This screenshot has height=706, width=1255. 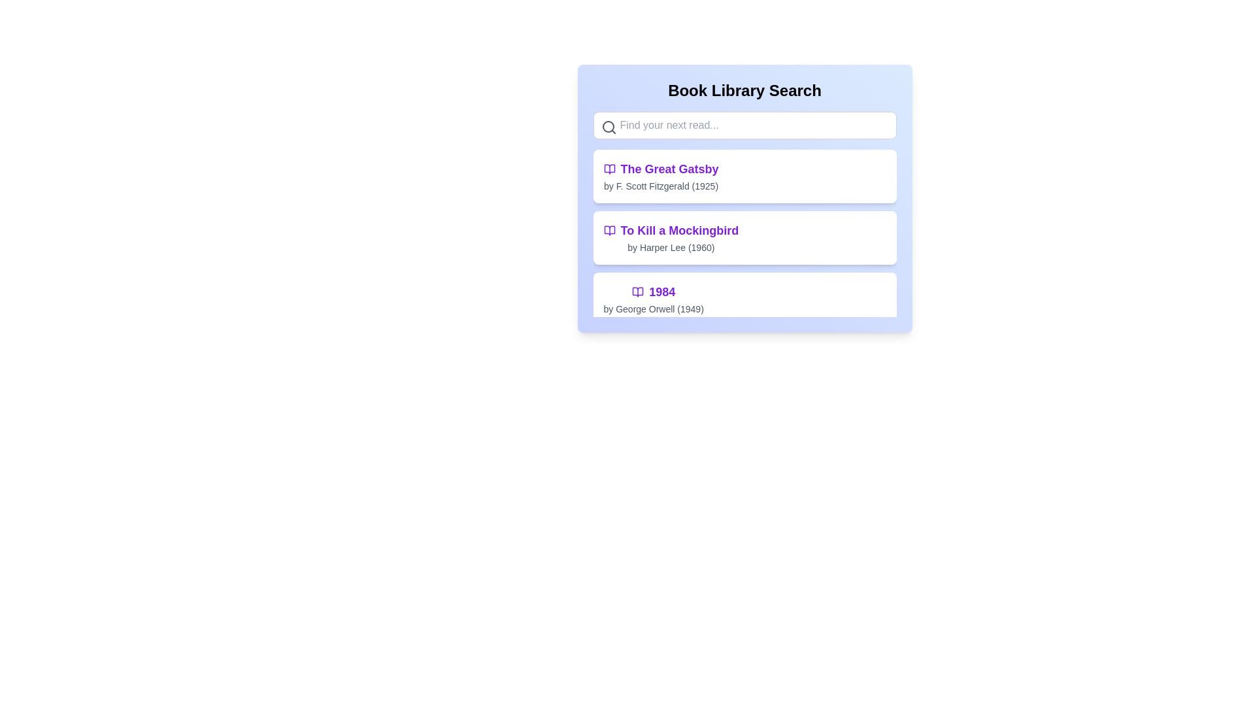 I want to click on the open book icon filled with purple color, representing the book '1984' by George Orwell, located as the third item in the list, so click(x=638, y=292).